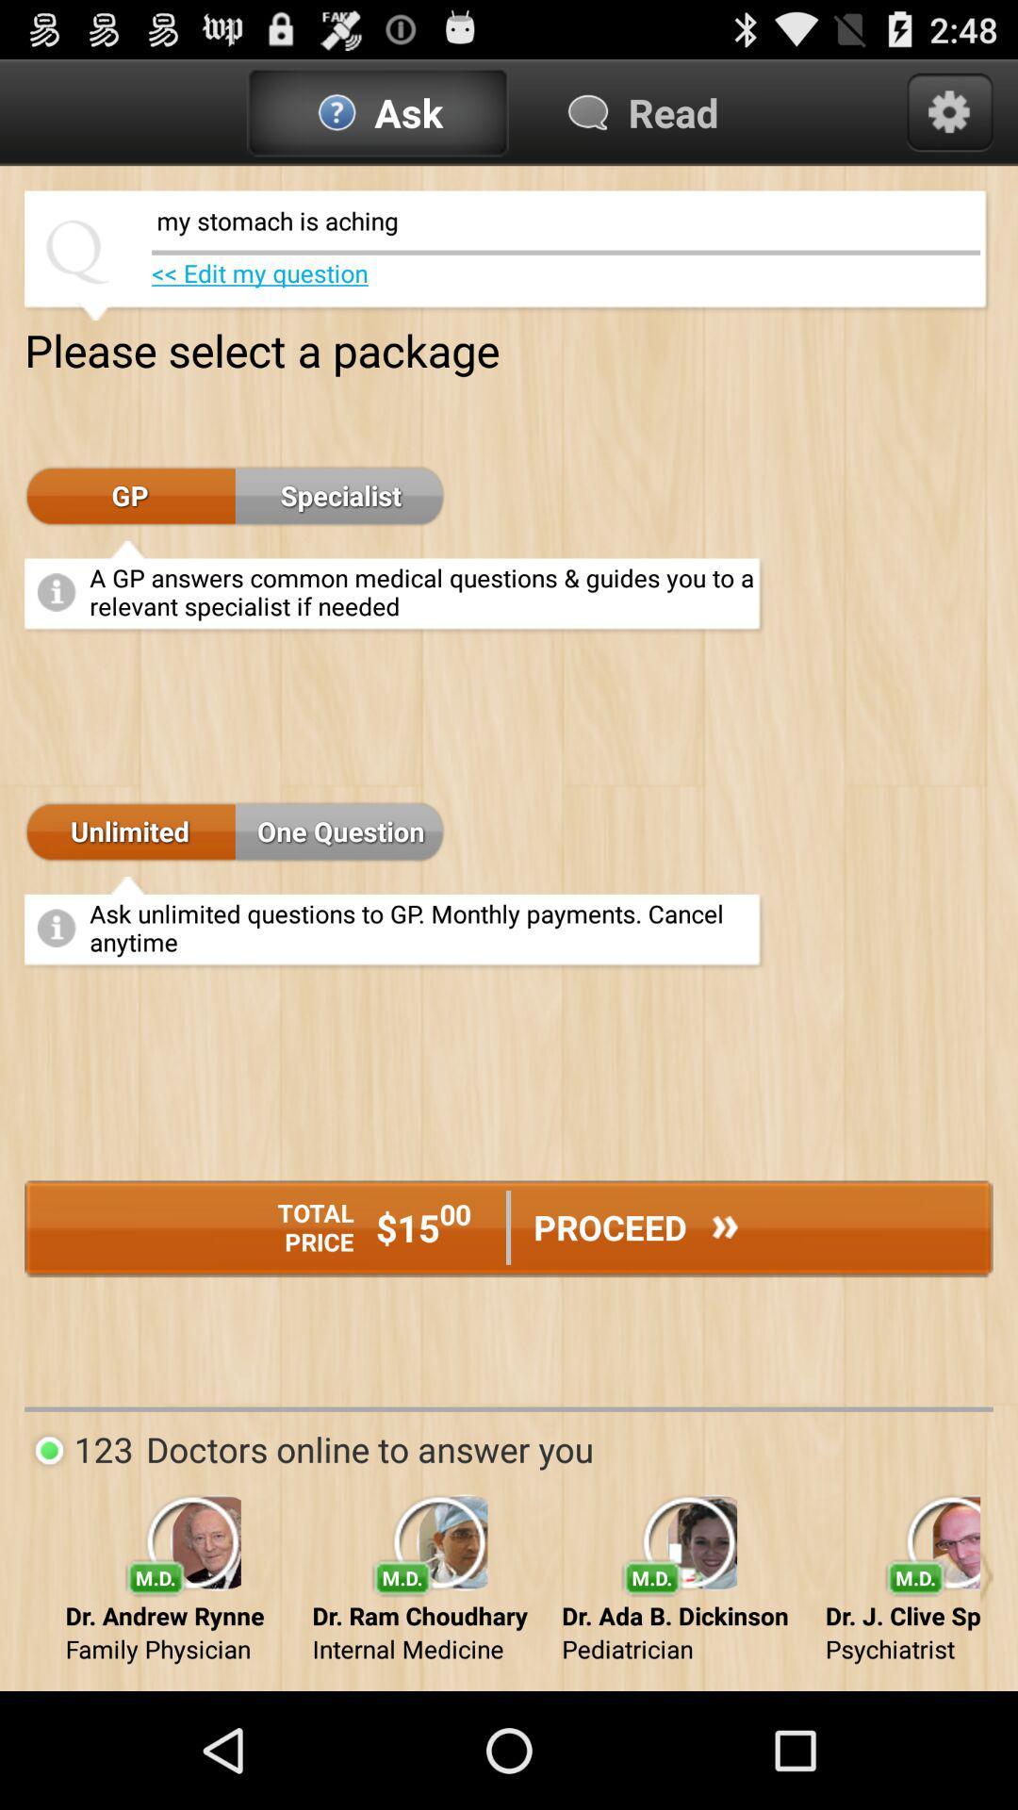 The image size is (1018, 1810). Describe the element at coordinates (340, 831) in the screenshot. I see `one question item` at that location.